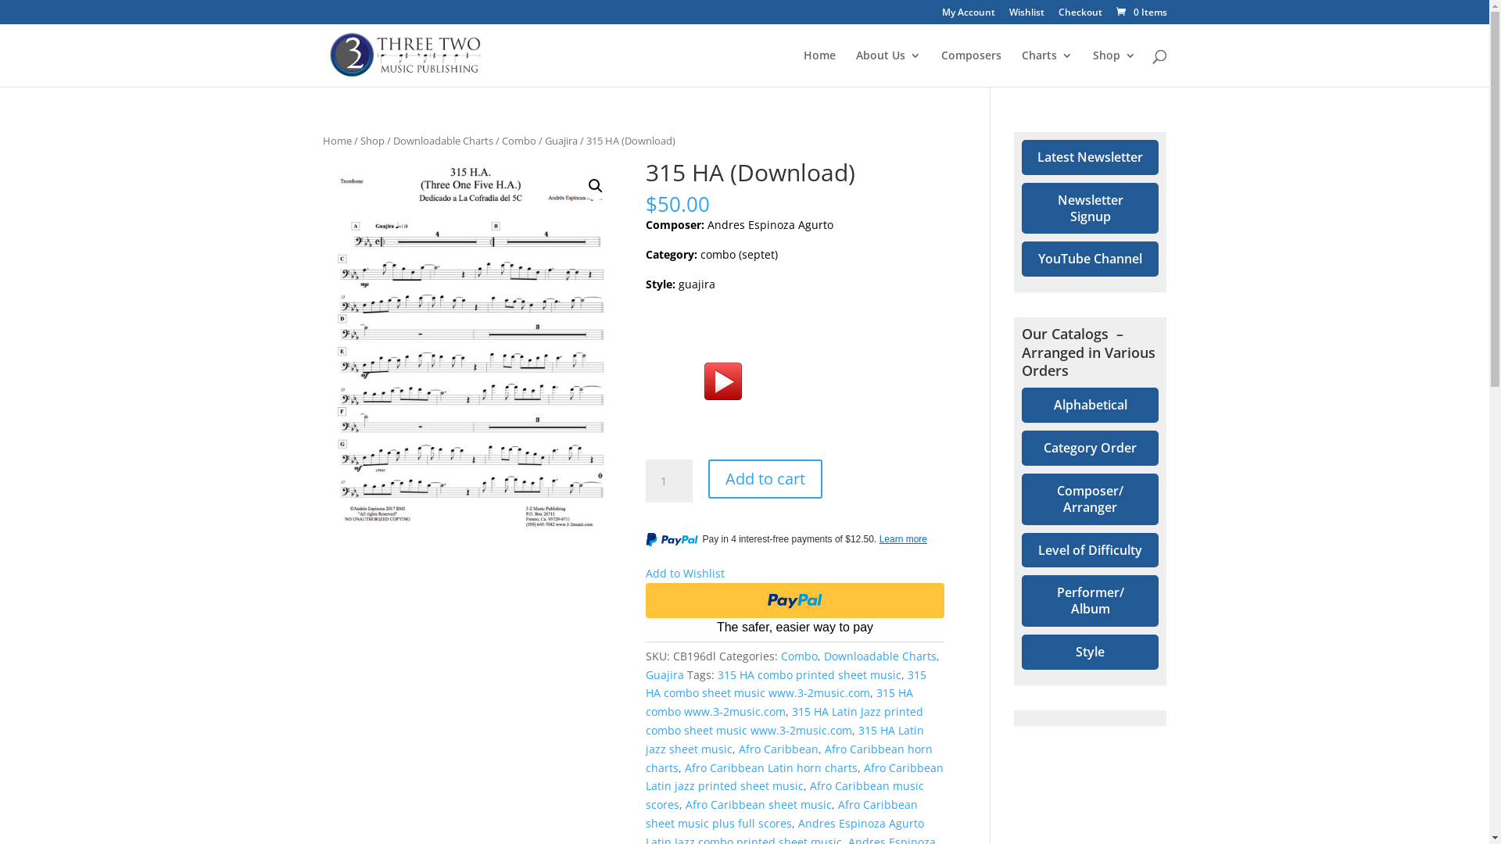  What do you see at coordinates (779, 701) in the screenshot?
I see `'315 HA combo www.3-2music.com'` at bounding box center [779, 701].